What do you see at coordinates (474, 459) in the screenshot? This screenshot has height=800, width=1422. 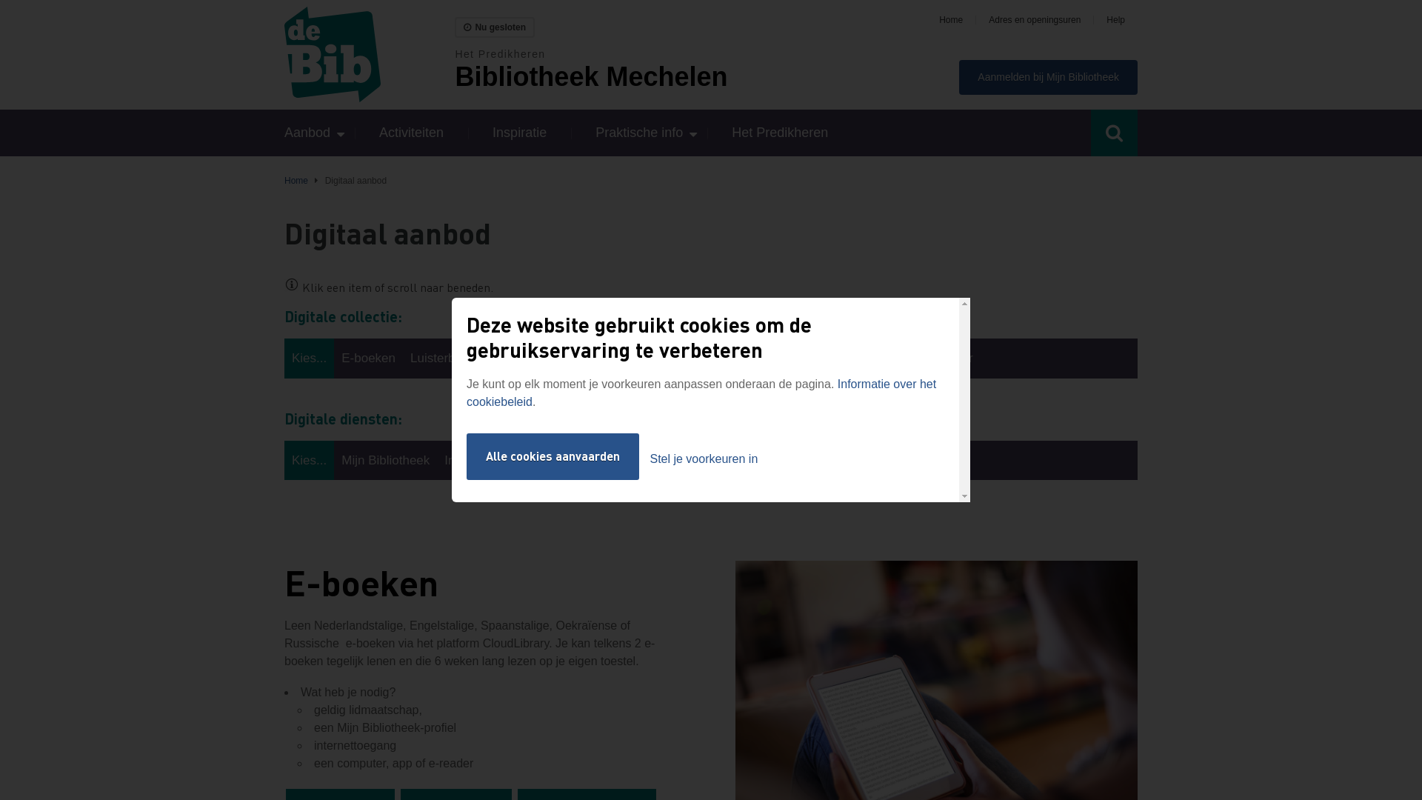 I see `'Internet-pc'` at bounding box center [474, 459].